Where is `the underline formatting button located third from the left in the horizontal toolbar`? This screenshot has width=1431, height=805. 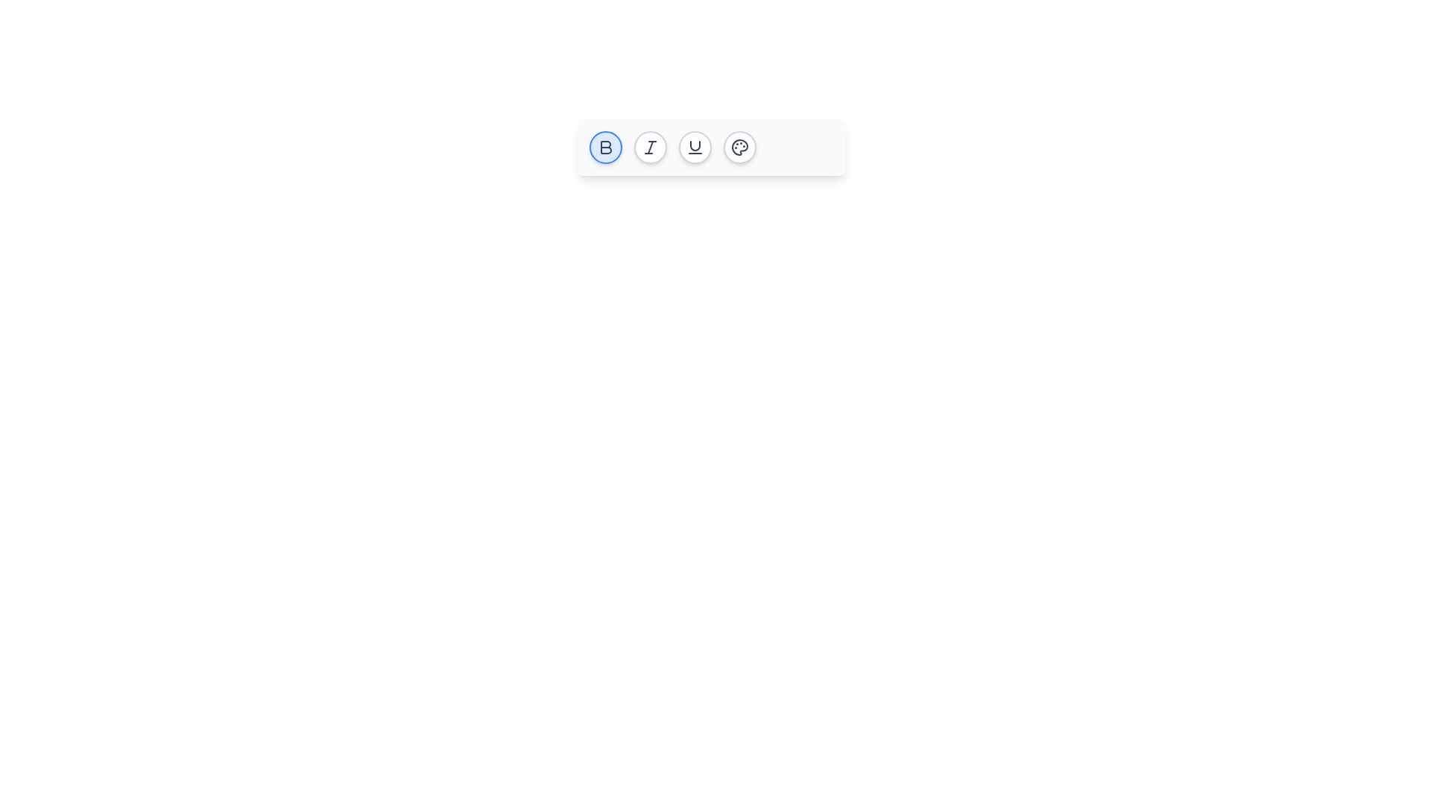
the underline formatting button located third from the left in the horizontal toolbar is located at coordinates (694, 147).